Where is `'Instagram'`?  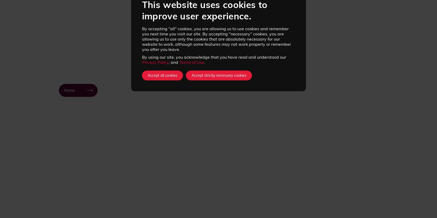
'Instagram' is located at coordinates (306, 211).